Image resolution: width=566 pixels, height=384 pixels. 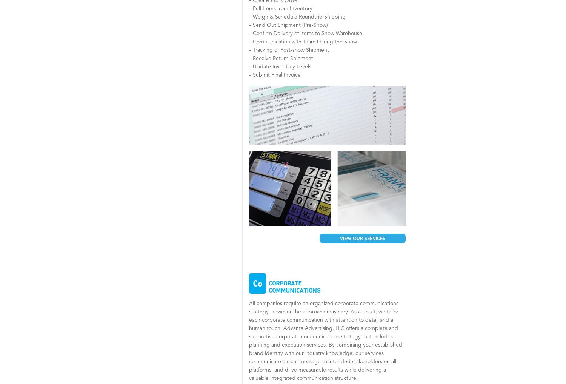 What do you see at coordinates (282, 8) in the screenshot?
I see `'Pull Items from Inventory'` at bounding box center [282, 8].